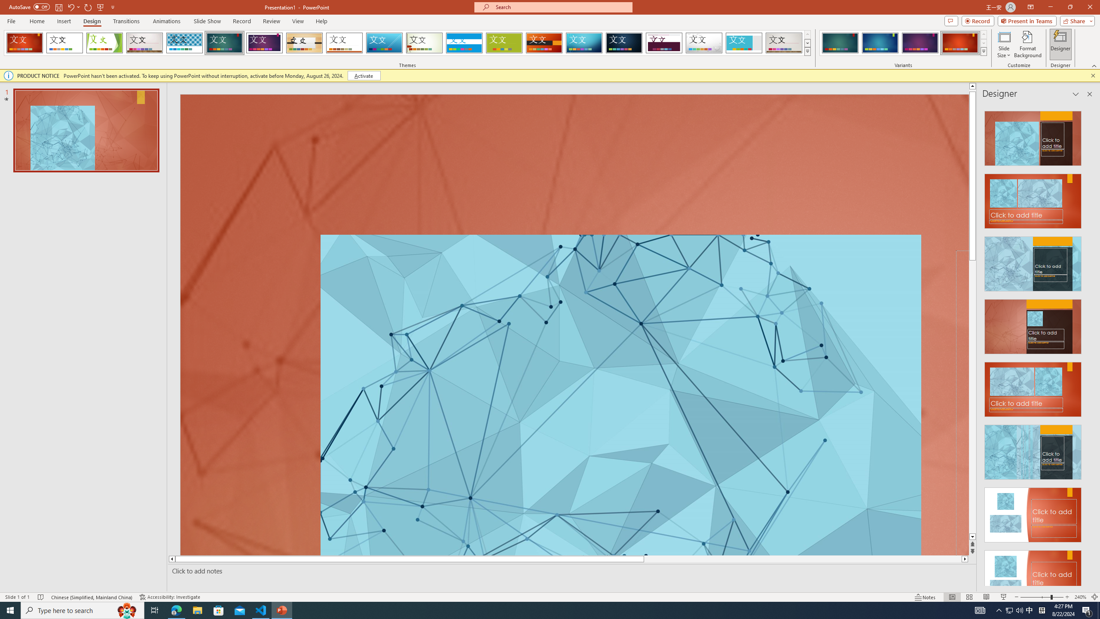 Image resolution: width=1100 pixels, height=619 pixels. What do you see at coordinates (407, 43) in the screenshot?
I see `'AutomationID: SlideThemesGallery'` at bounding box center [407, 43].